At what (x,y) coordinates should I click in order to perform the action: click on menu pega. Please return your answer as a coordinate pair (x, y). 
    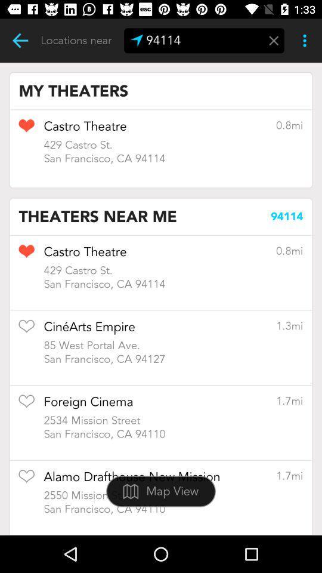
    Looking at the image, I should click on (274, 41).